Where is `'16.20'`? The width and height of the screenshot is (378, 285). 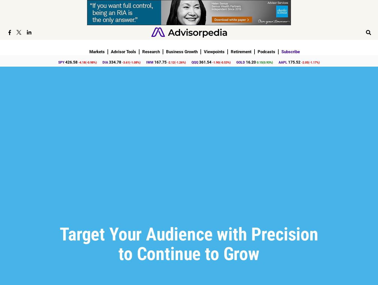
'16.20' is located at coordinates (246, 62).